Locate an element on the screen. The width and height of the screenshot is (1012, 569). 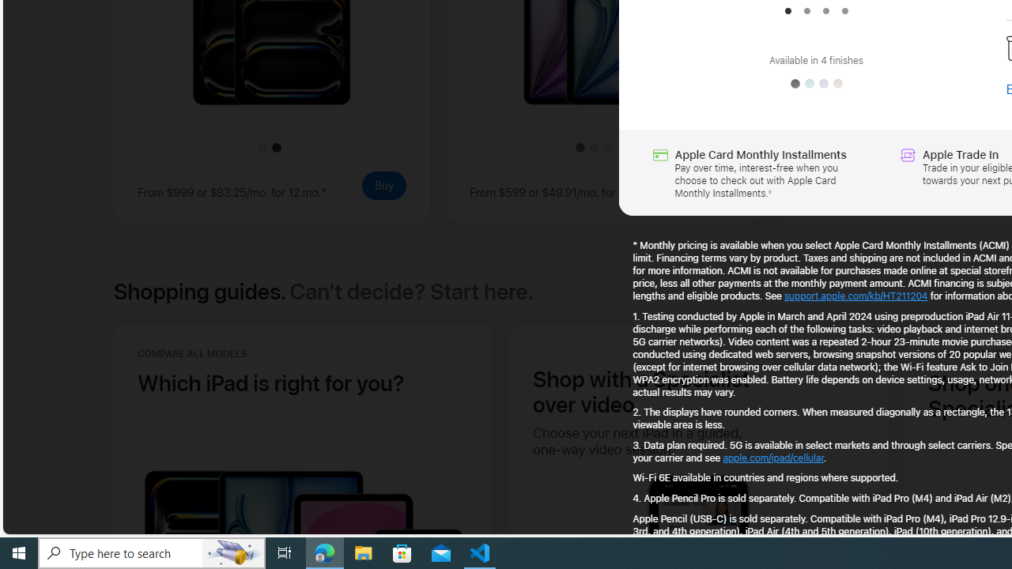
'Starlight' is located at coordinates (836, 84).